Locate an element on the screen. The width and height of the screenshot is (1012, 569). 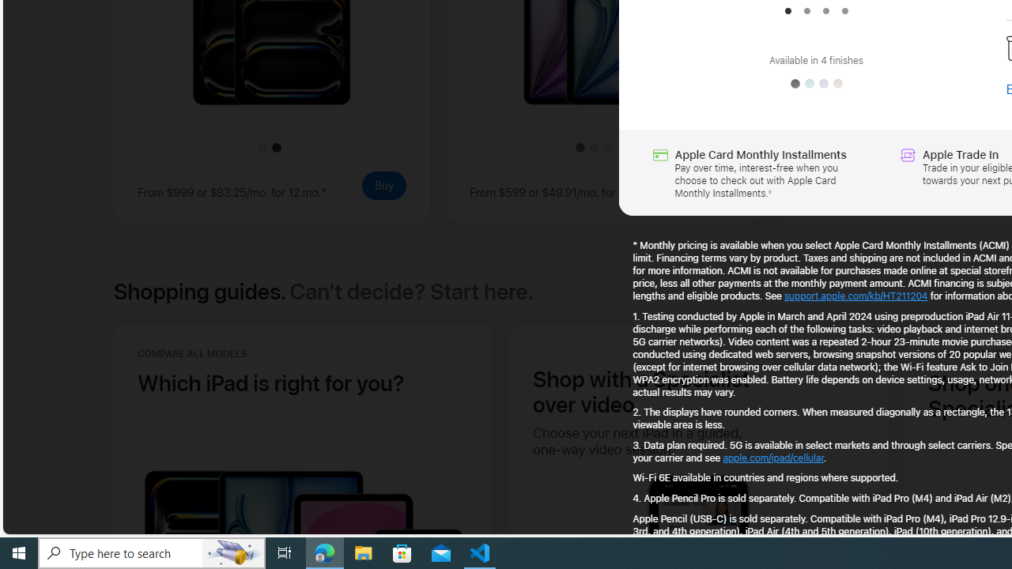
'Starlight' is located at coordinates (836, 84).